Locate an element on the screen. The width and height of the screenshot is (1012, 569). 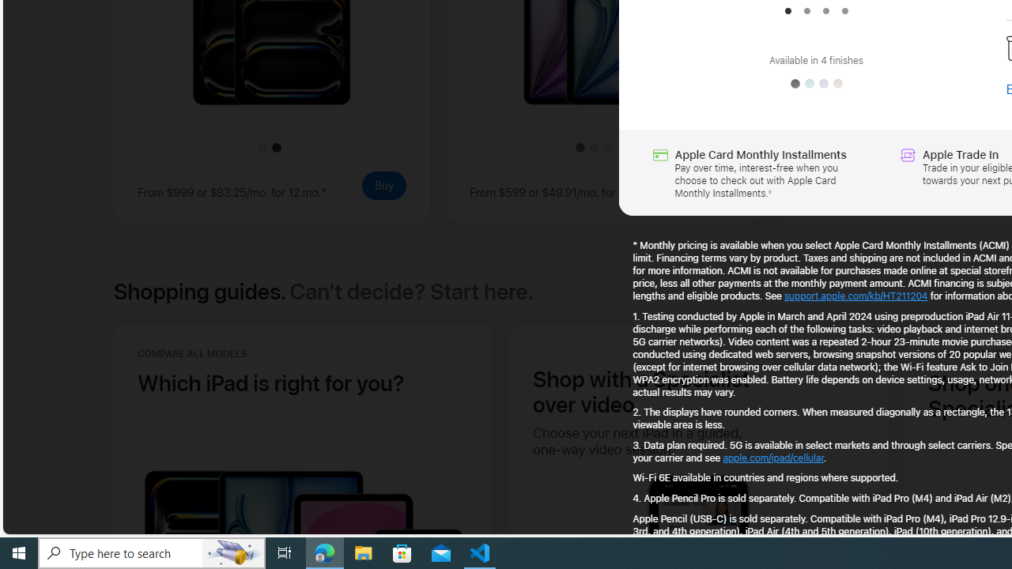
'Starlight' is located at coordinates (836, 84).